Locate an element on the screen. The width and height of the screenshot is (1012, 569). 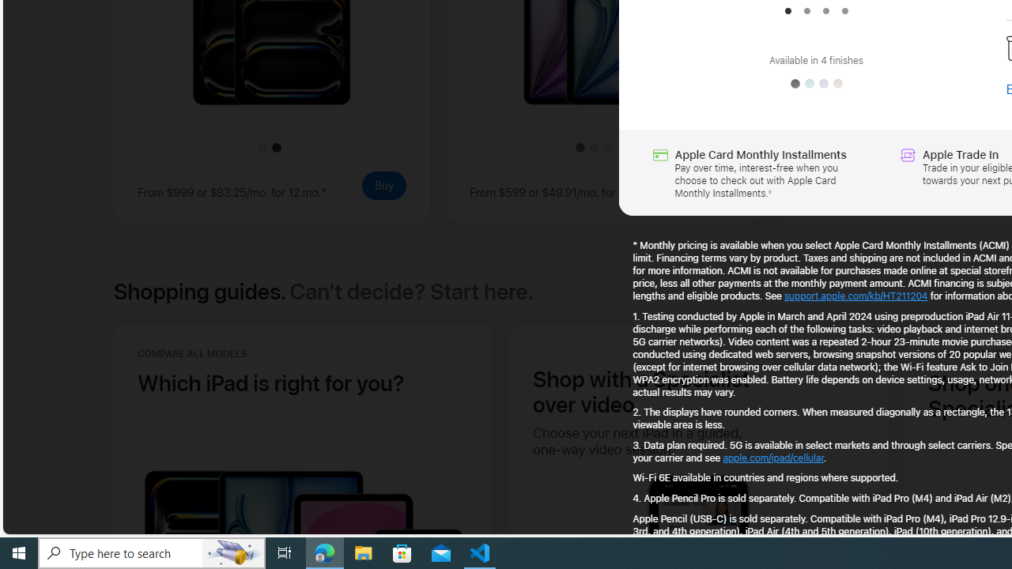
'Starlight' is located at coordinates (836, 84).